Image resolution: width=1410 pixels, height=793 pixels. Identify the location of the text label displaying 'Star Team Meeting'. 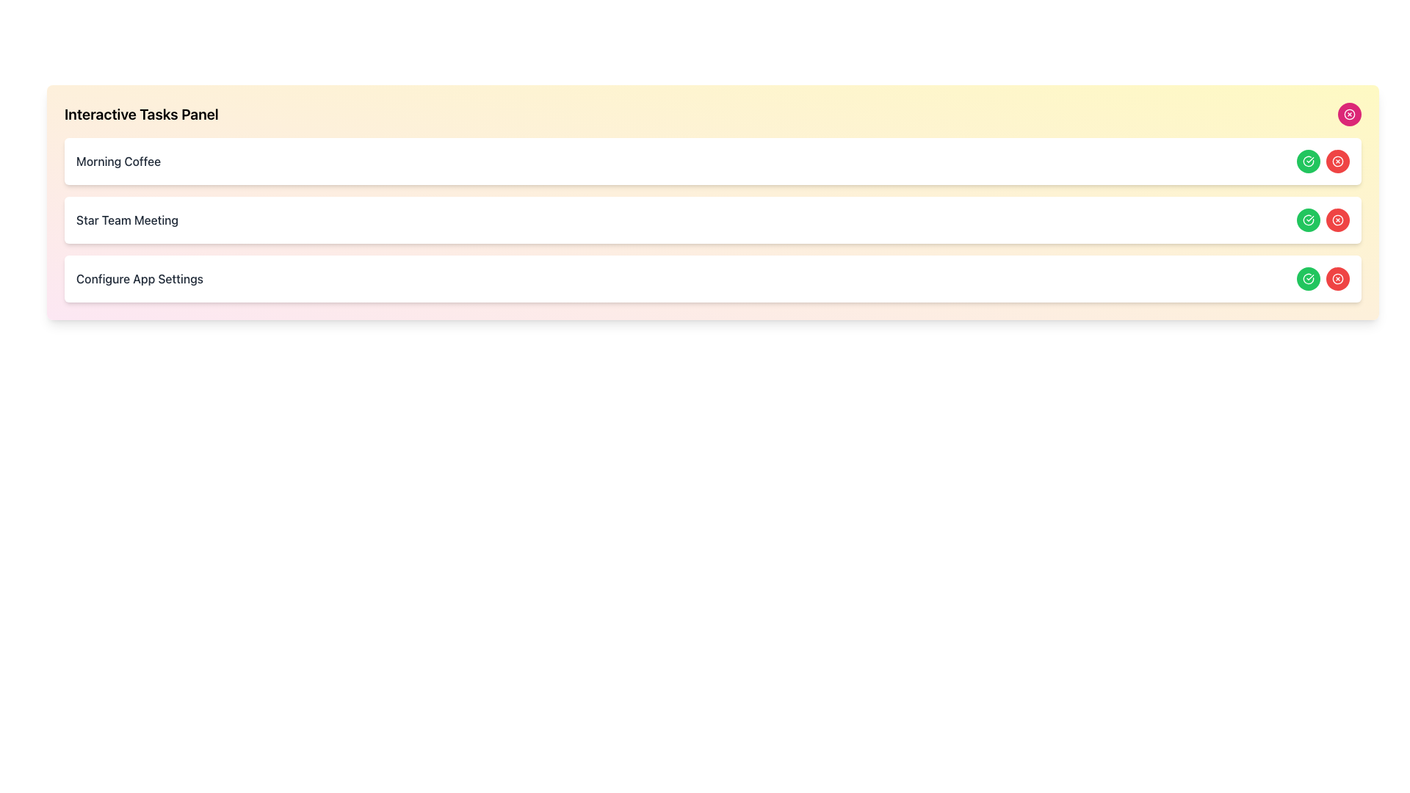
(127, 220).